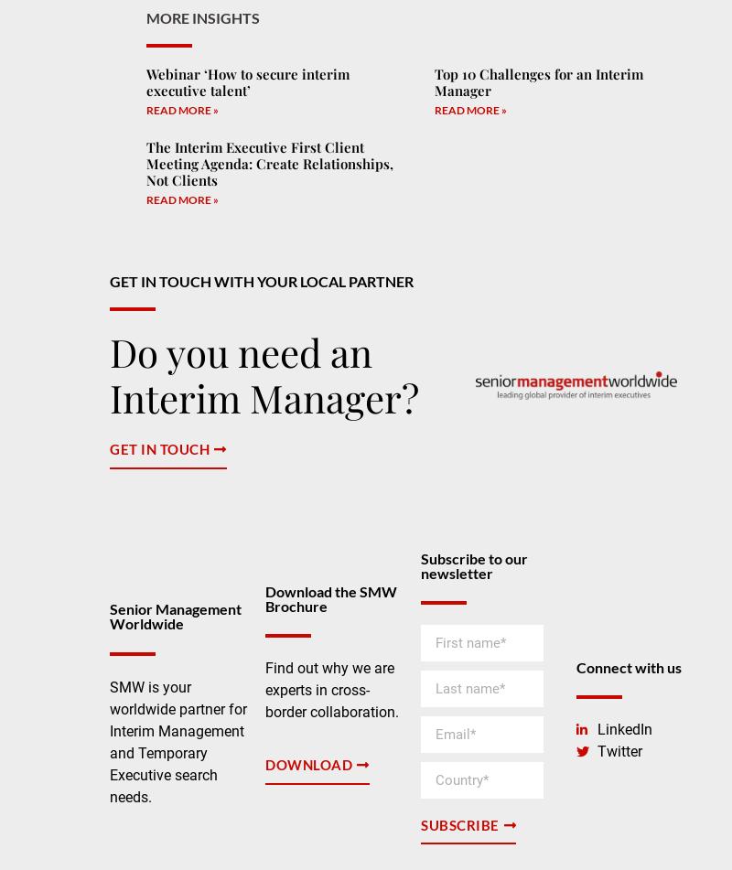 This screenshot has height=870, width=732. Describe the element at coordinates (331, 688) in the screenshot. I see `'Find out why we are experts in cross-border collaboration.'` at that location.